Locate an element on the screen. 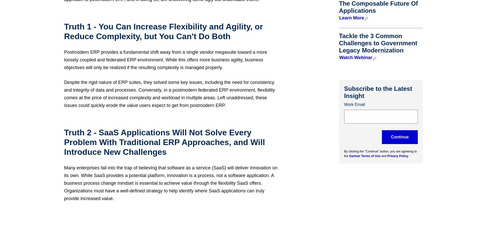 This screenshot has height=252, width=487. 'Work Email' is located at coordinates (354, 104).